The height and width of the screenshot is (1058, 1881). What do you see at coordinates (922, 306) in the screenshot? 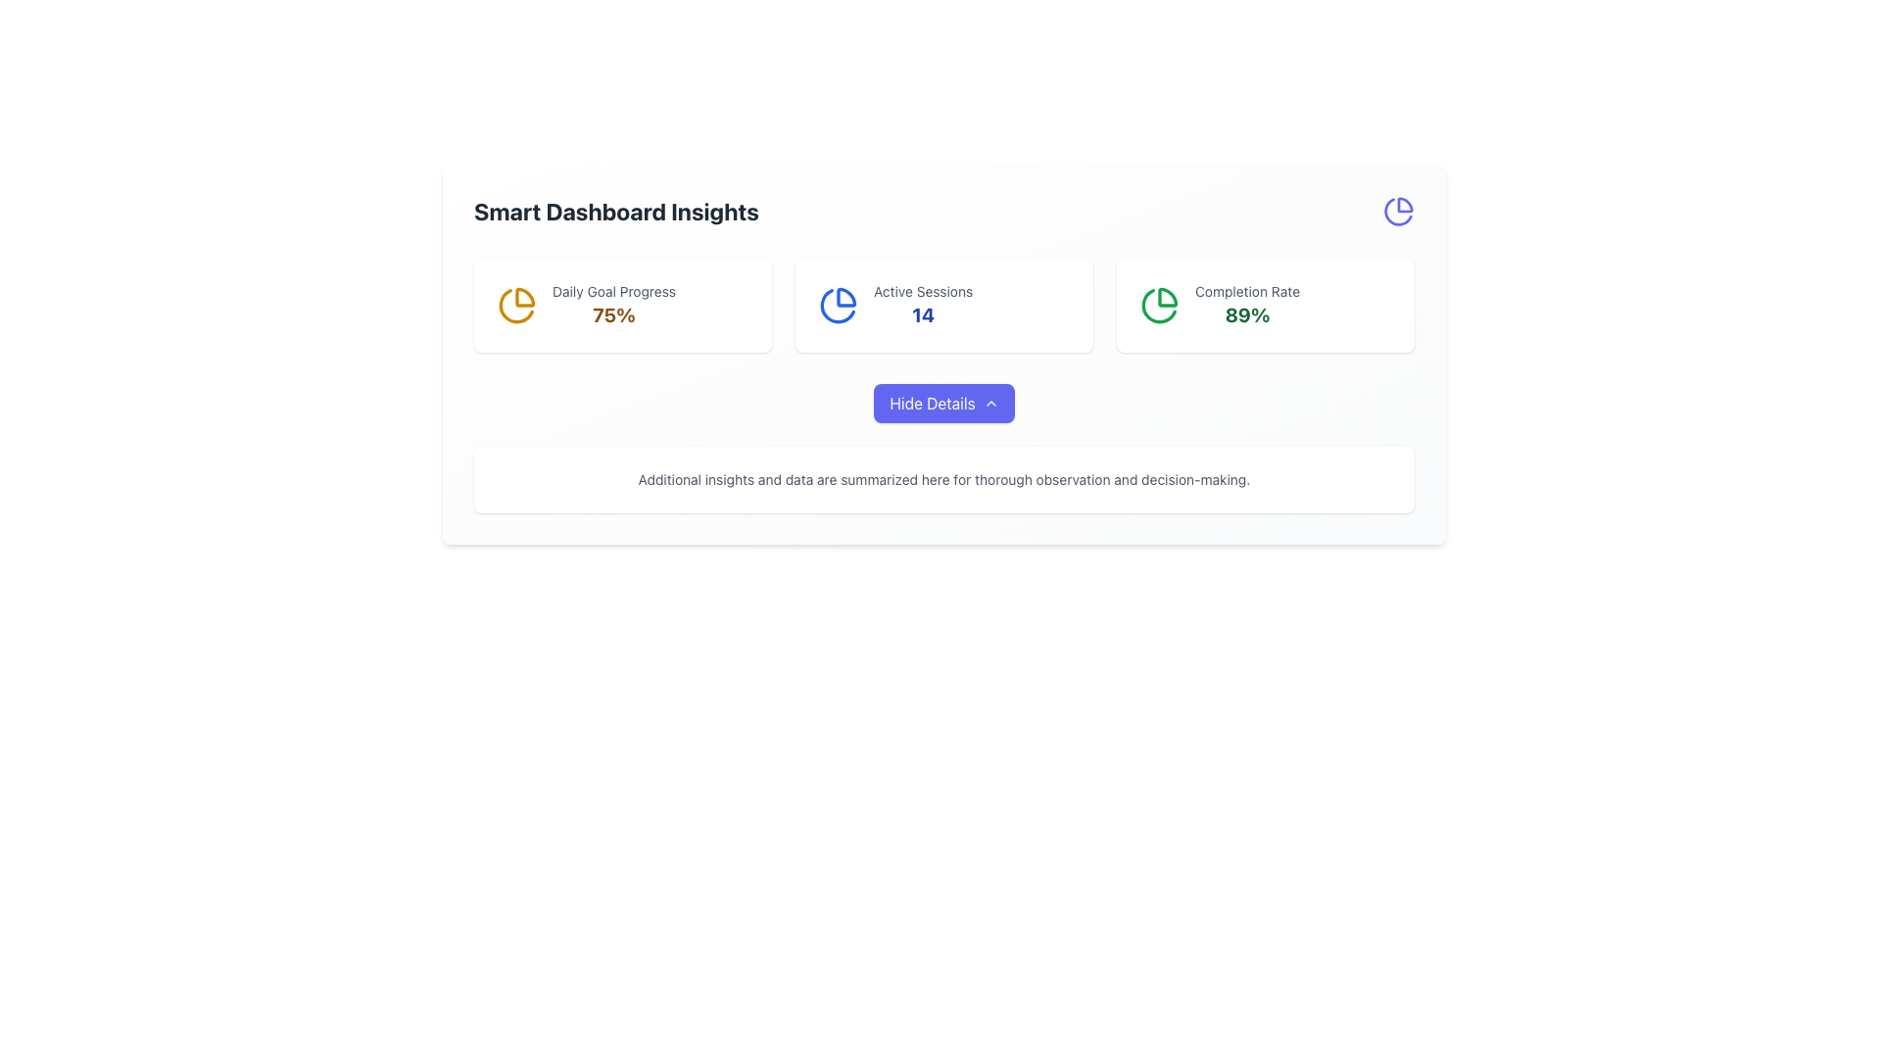
I see `text 'Active Sessions' from the informational display that shows the number of active sessions, which is highlighted in a larger, bold, blue font` at bounding box center [922, 306].